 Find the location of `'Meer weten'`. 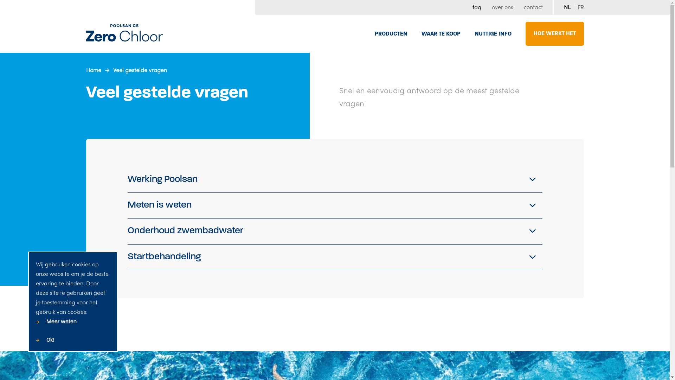

'Meer weten' is located at coordinates (35, 322).